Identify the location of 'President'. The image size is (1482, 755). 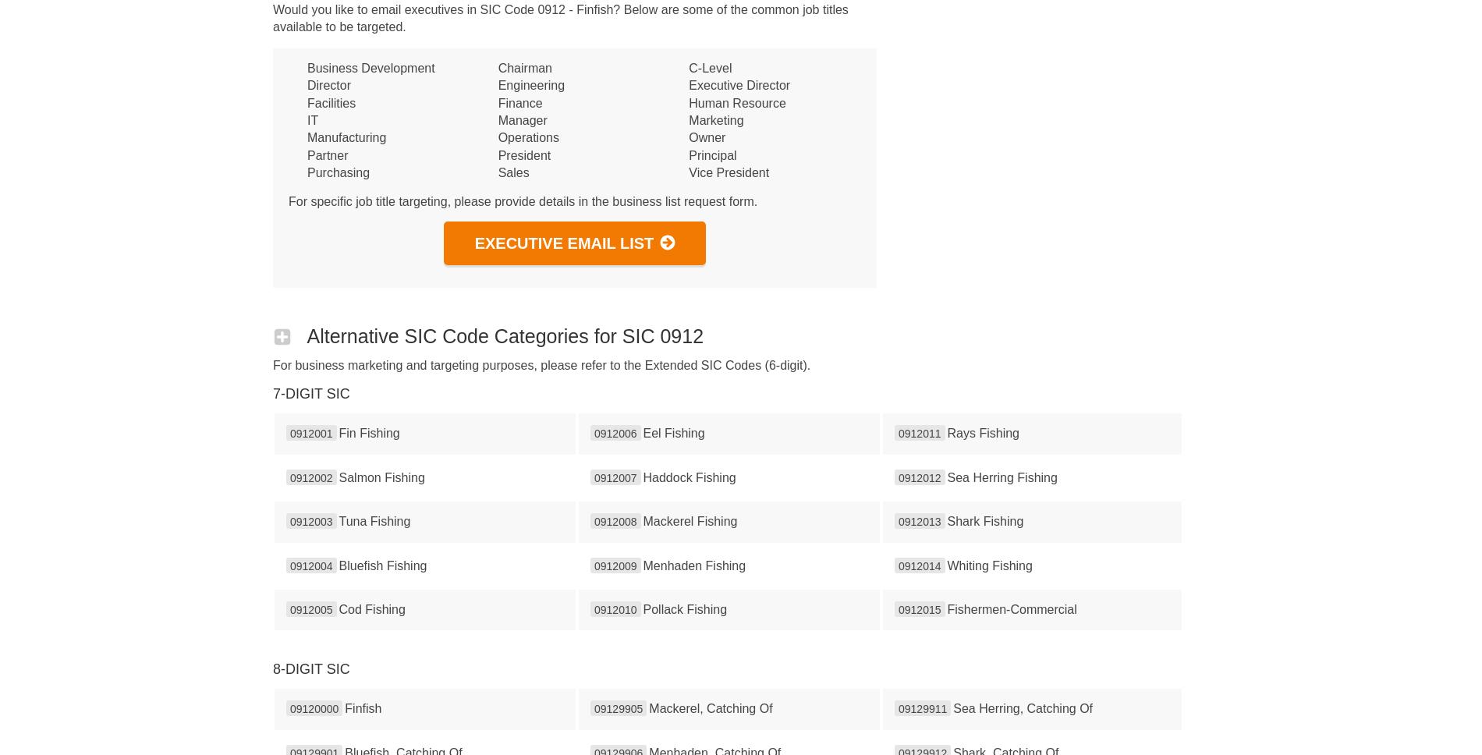
(524, 154).